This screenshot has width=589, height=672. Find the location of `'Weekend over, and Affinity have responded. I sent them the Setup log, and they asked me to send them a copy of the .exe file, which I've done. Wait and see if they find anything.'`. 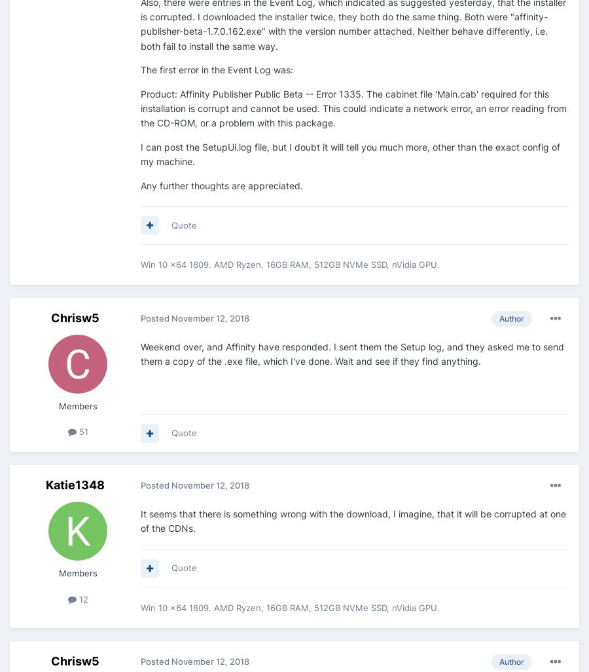

'Weekend over, and Affinity have responded. I sent them the Setup log, and they asked me to send them a copy of the .exe file, which I've done. Wait and see if they find anything.' is located at coordinates (351, 353).